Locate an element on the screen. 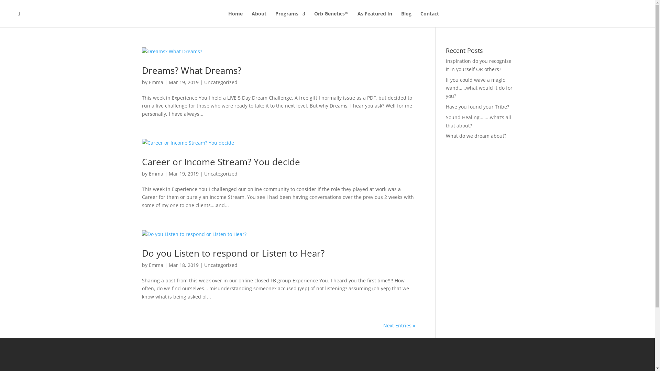 Image resolution: width=660 pixels, height=371 pixels. 'Inspiration do you recognise it in yourself OR others?' is located at coordinates (445, 65).